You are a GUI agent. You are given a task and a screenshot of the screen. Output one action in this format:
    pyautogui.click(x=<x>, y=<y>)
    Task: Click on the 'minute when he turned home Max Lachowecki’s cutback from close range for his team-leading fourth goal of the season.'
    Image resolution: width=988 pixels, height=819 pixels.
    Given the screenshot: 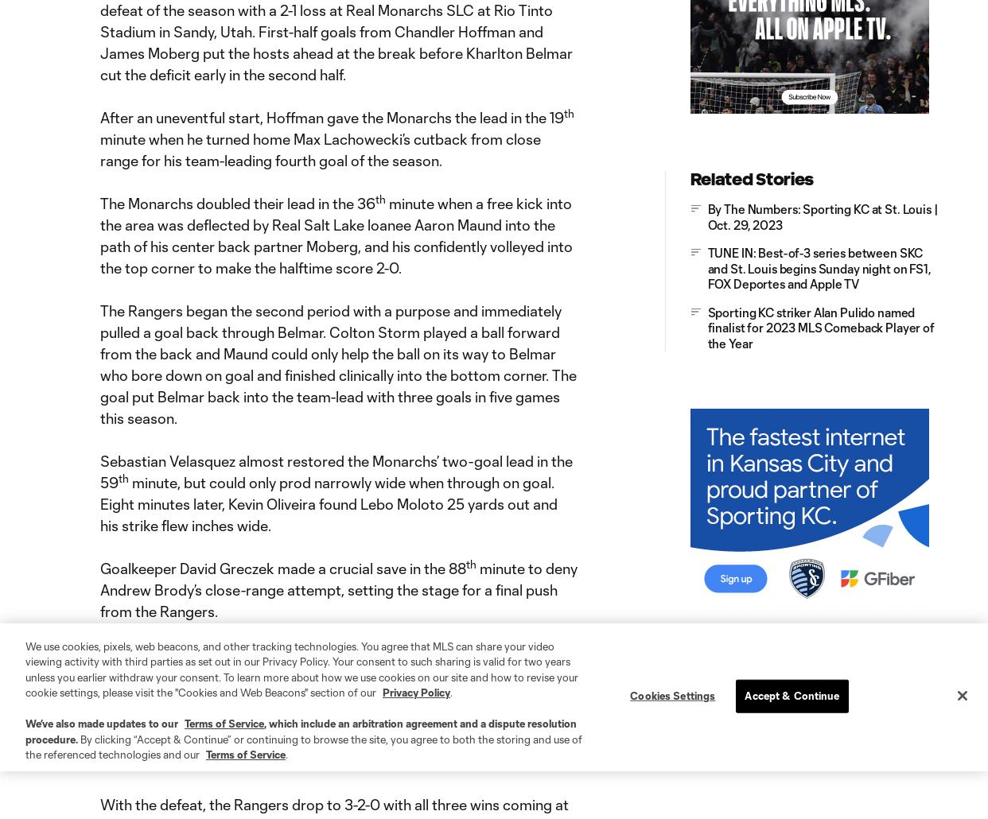 What is the action you would take?
    pyautogui.click(x=99, y=149)
    